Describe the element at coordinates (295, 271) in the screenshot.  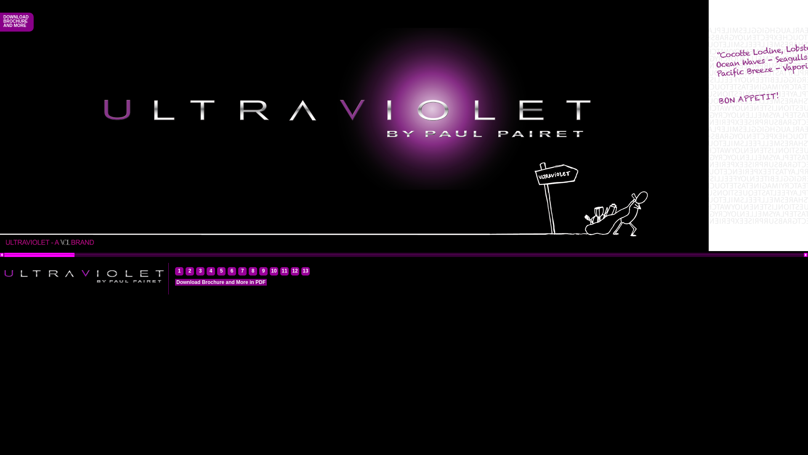
I see `'12'` at that location.